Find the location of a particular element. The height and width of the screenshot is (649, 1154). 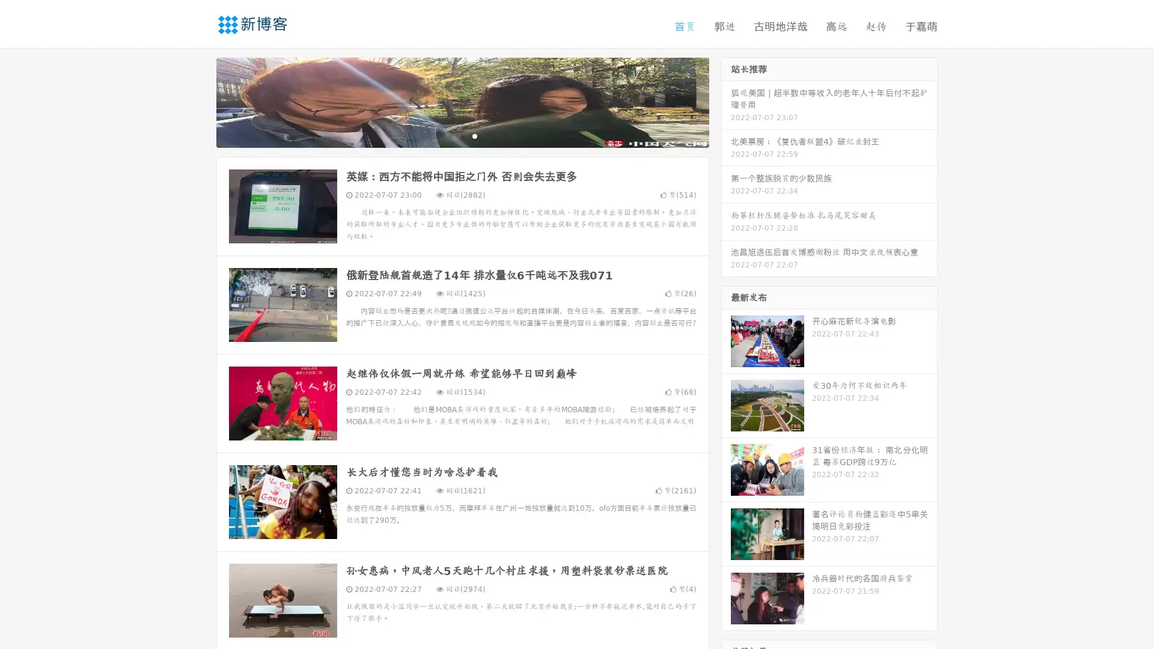

Go to slide 1 is located at coordinates (450, 135).